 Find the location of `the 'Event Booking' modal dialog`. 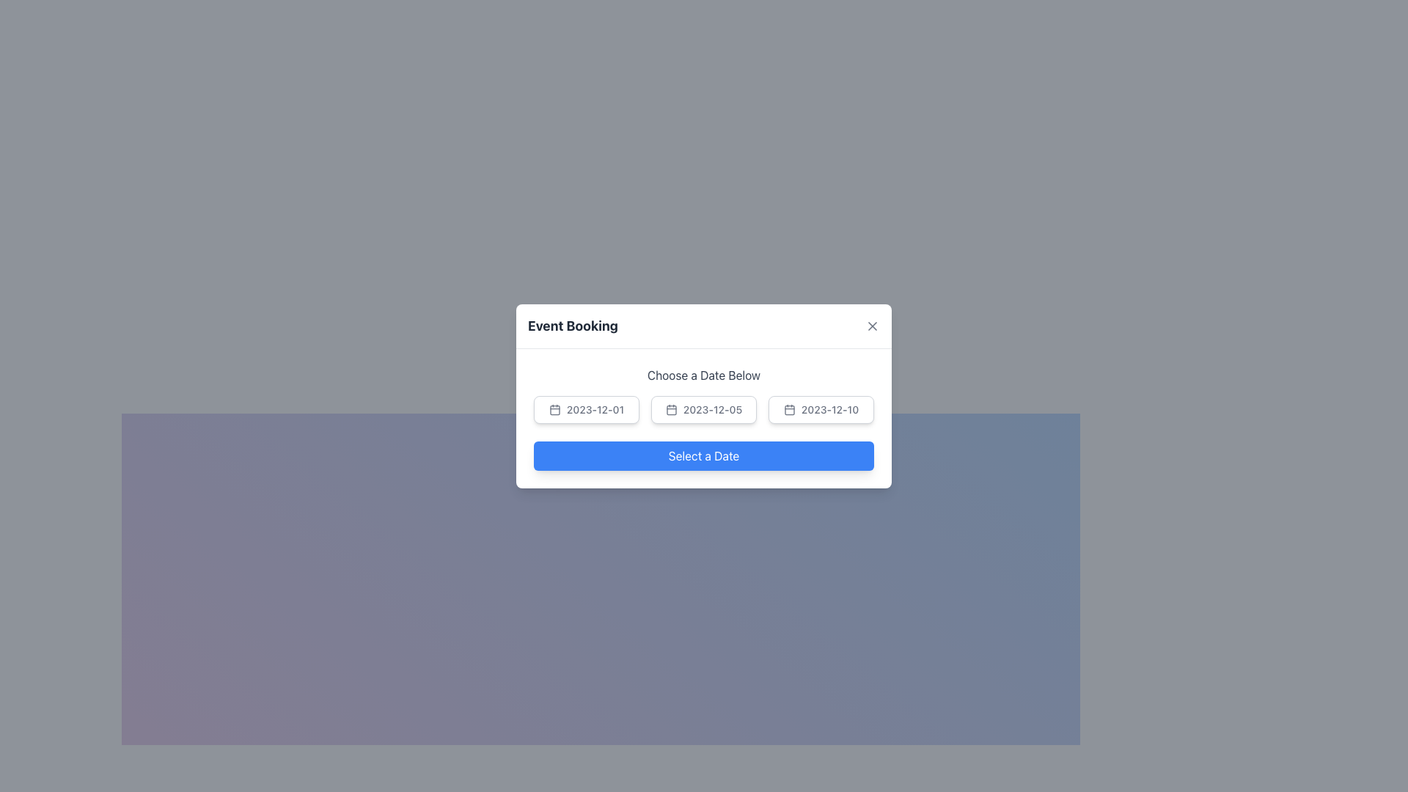

the 'Event Booking' modal dialog is located at coordinates (704, 396).